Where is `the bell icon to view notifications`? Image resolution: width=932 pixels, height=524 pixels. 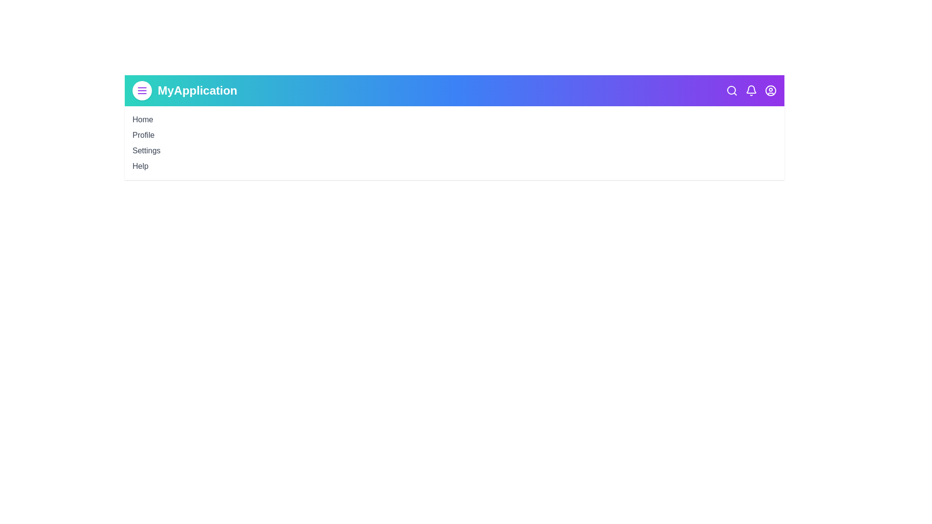
the bell icon to view notifications is located at coordinates (751, 90).